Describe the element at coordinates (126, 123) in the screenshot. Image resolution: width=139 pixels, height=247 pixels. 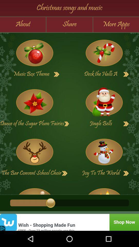
I see `next` at that location.